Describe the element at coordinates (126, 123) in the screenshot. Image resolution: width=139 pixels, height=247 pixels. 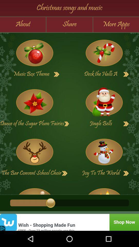
I see `next` at that location.